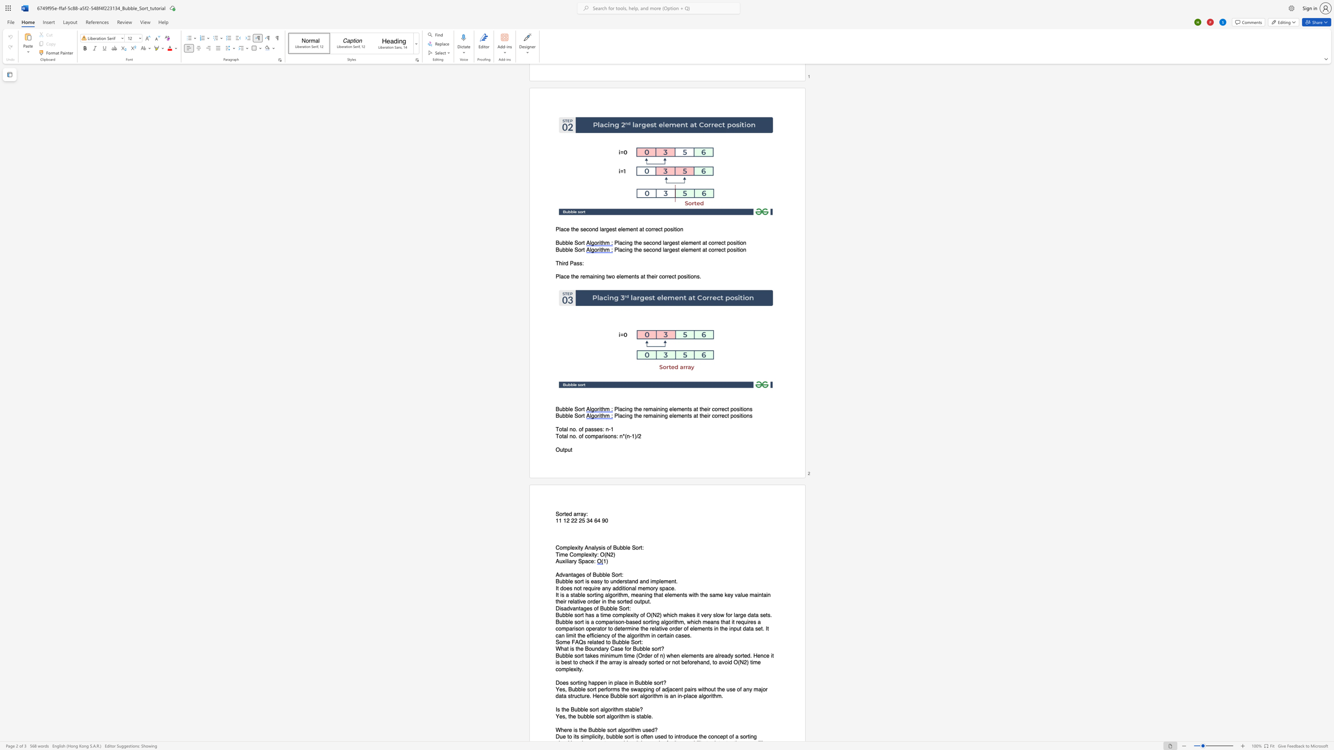  Describe the element at coordinates (762, 614) in the screenshot. I see `the space between the continuous character "s" and "e" in the text` at that location.